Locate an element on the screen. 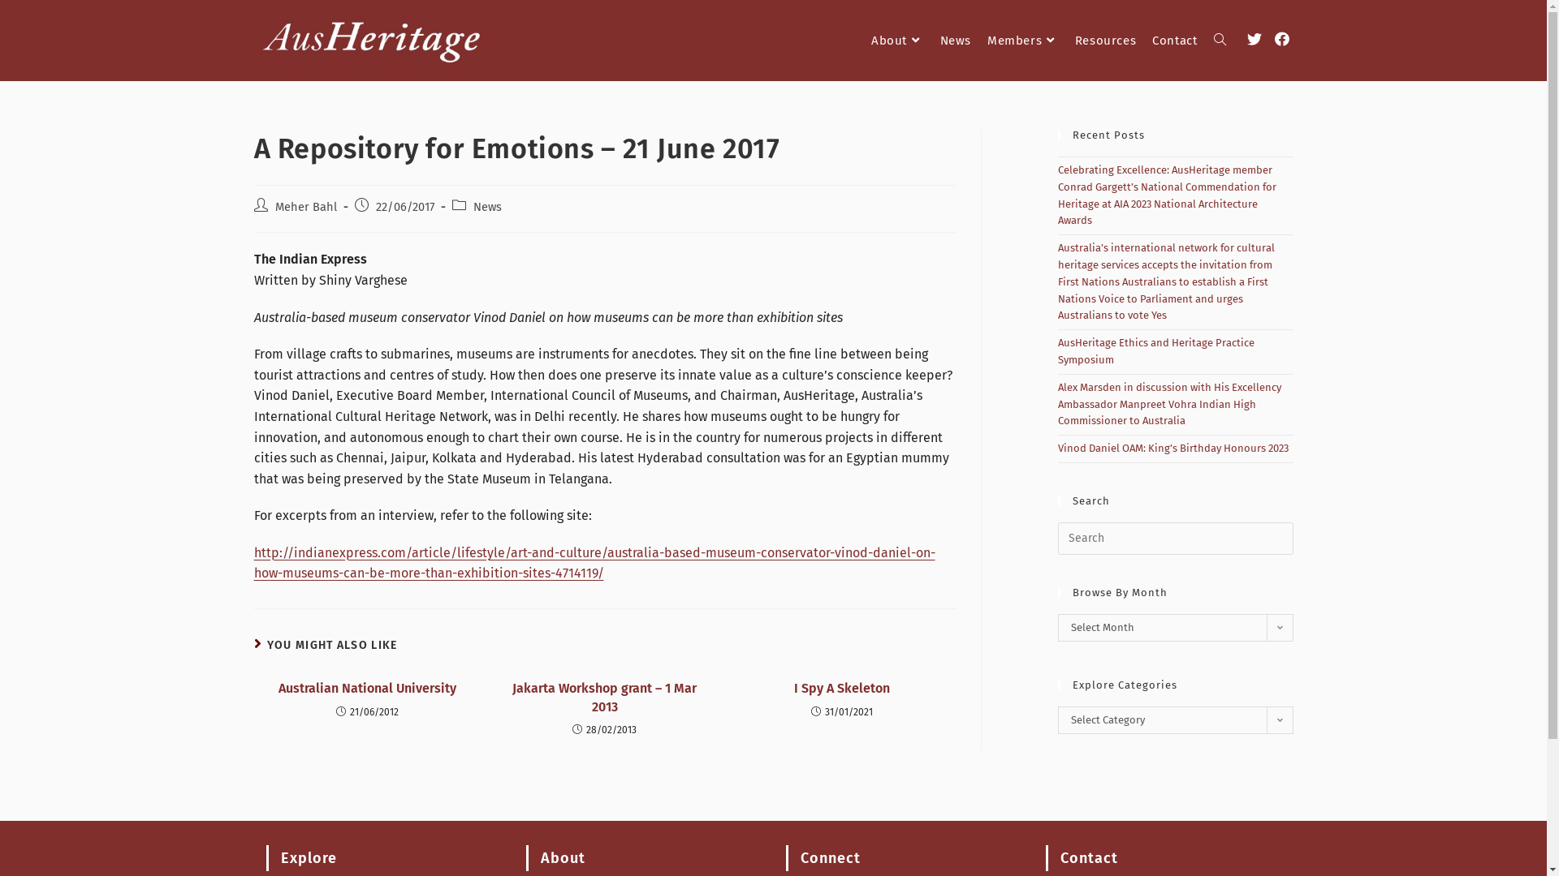  'News' is located at coordinates (486, 205).